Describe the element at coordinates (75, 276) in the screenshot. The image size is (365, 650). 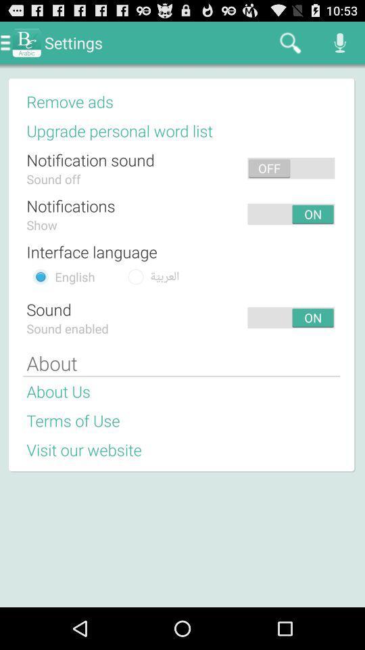
I see `app below interface language item` at that location.